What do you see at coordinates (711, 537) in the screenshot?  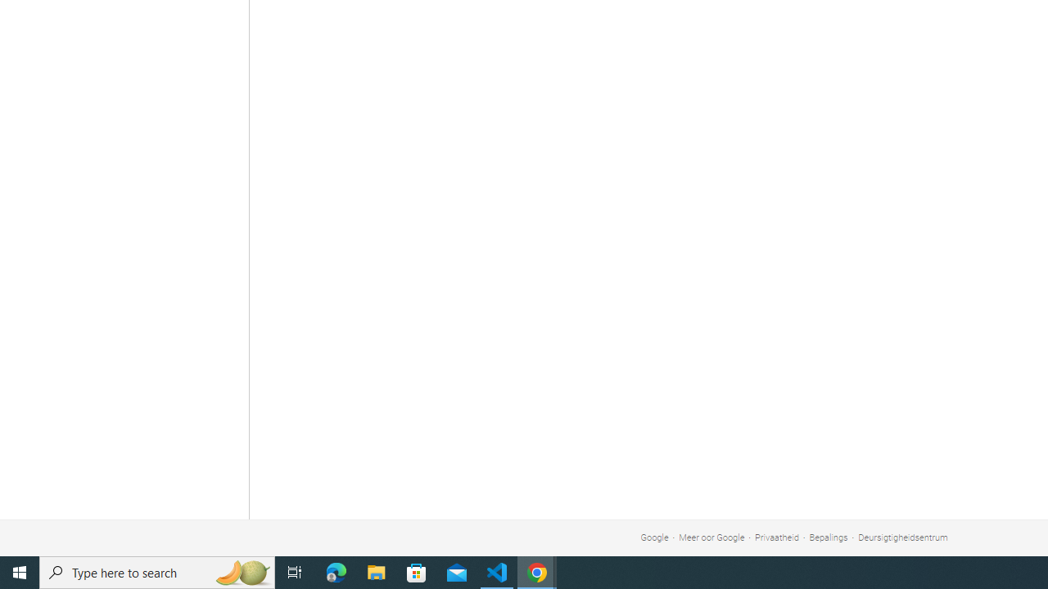 I see `'Meer oor Google'` at bounding box center [711, 537].